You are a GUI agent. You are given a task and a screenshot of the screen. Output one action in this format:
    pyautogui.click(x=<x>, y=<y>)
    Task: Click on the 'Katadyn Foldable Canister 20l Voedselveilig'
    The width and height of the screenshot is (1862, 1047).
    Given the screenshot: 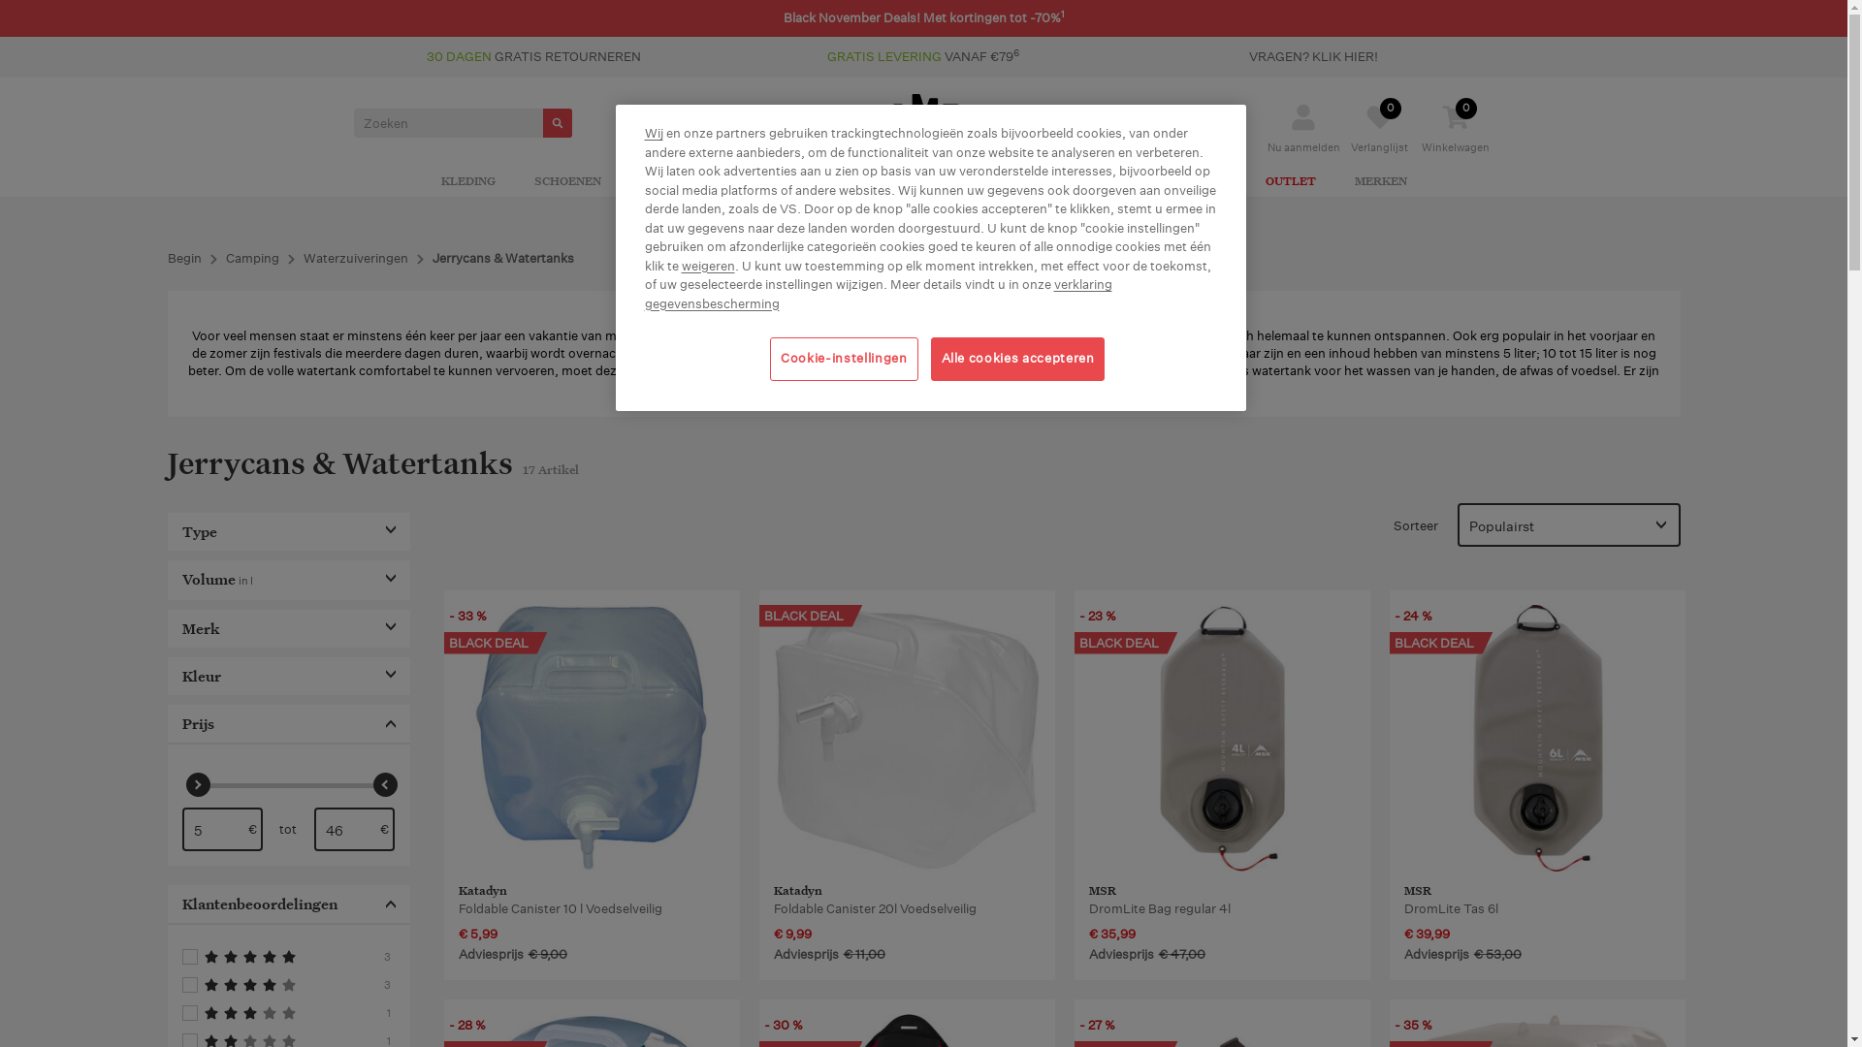 What is the action you would take?
    pyautogui.click(x=906, y=785)
    